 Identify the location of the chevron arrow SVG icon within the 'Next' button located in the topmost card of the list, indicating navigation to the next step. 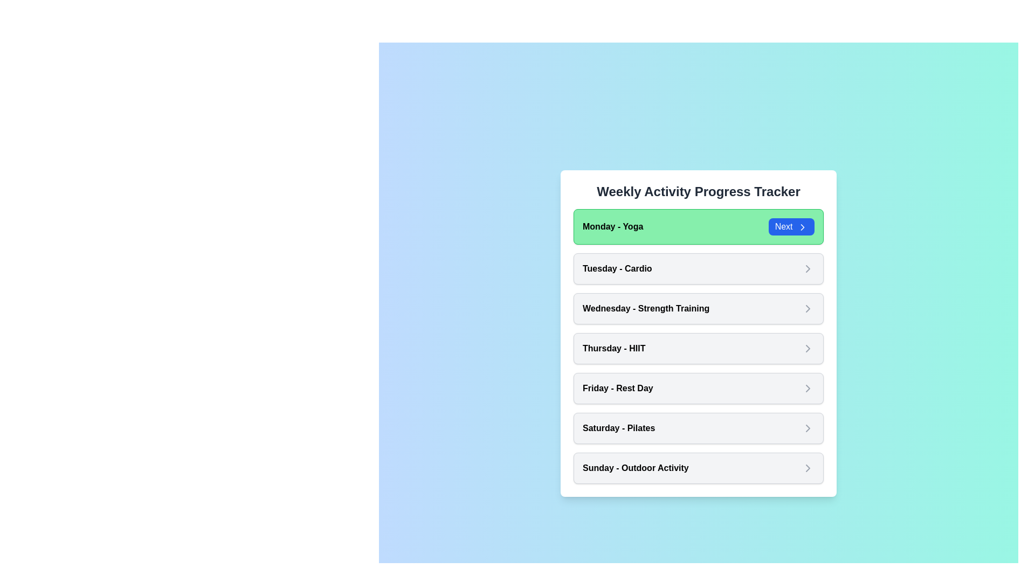
(808, 427).